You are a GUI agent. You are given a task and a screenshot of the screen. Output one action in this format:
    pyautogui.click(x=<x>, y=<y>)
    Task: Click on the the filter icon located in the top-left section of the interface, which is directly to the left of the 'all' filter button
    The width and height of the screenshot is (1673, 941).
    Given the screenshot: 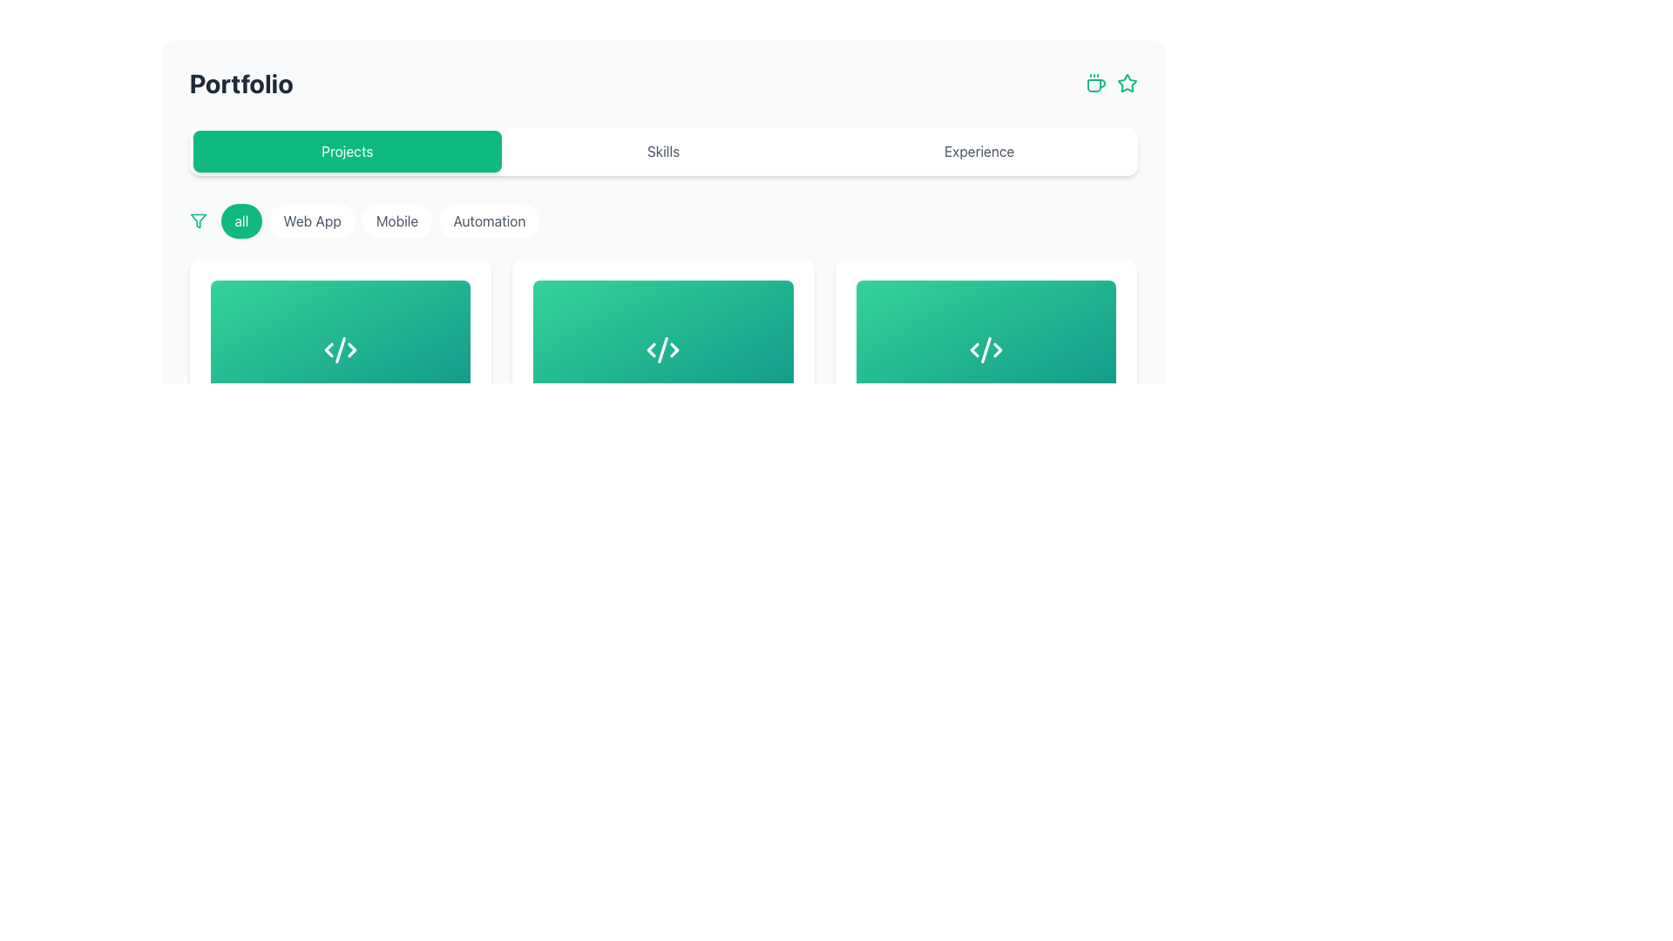 What is the action you would take?
    pyautogui.click(x=198, y=220)
    